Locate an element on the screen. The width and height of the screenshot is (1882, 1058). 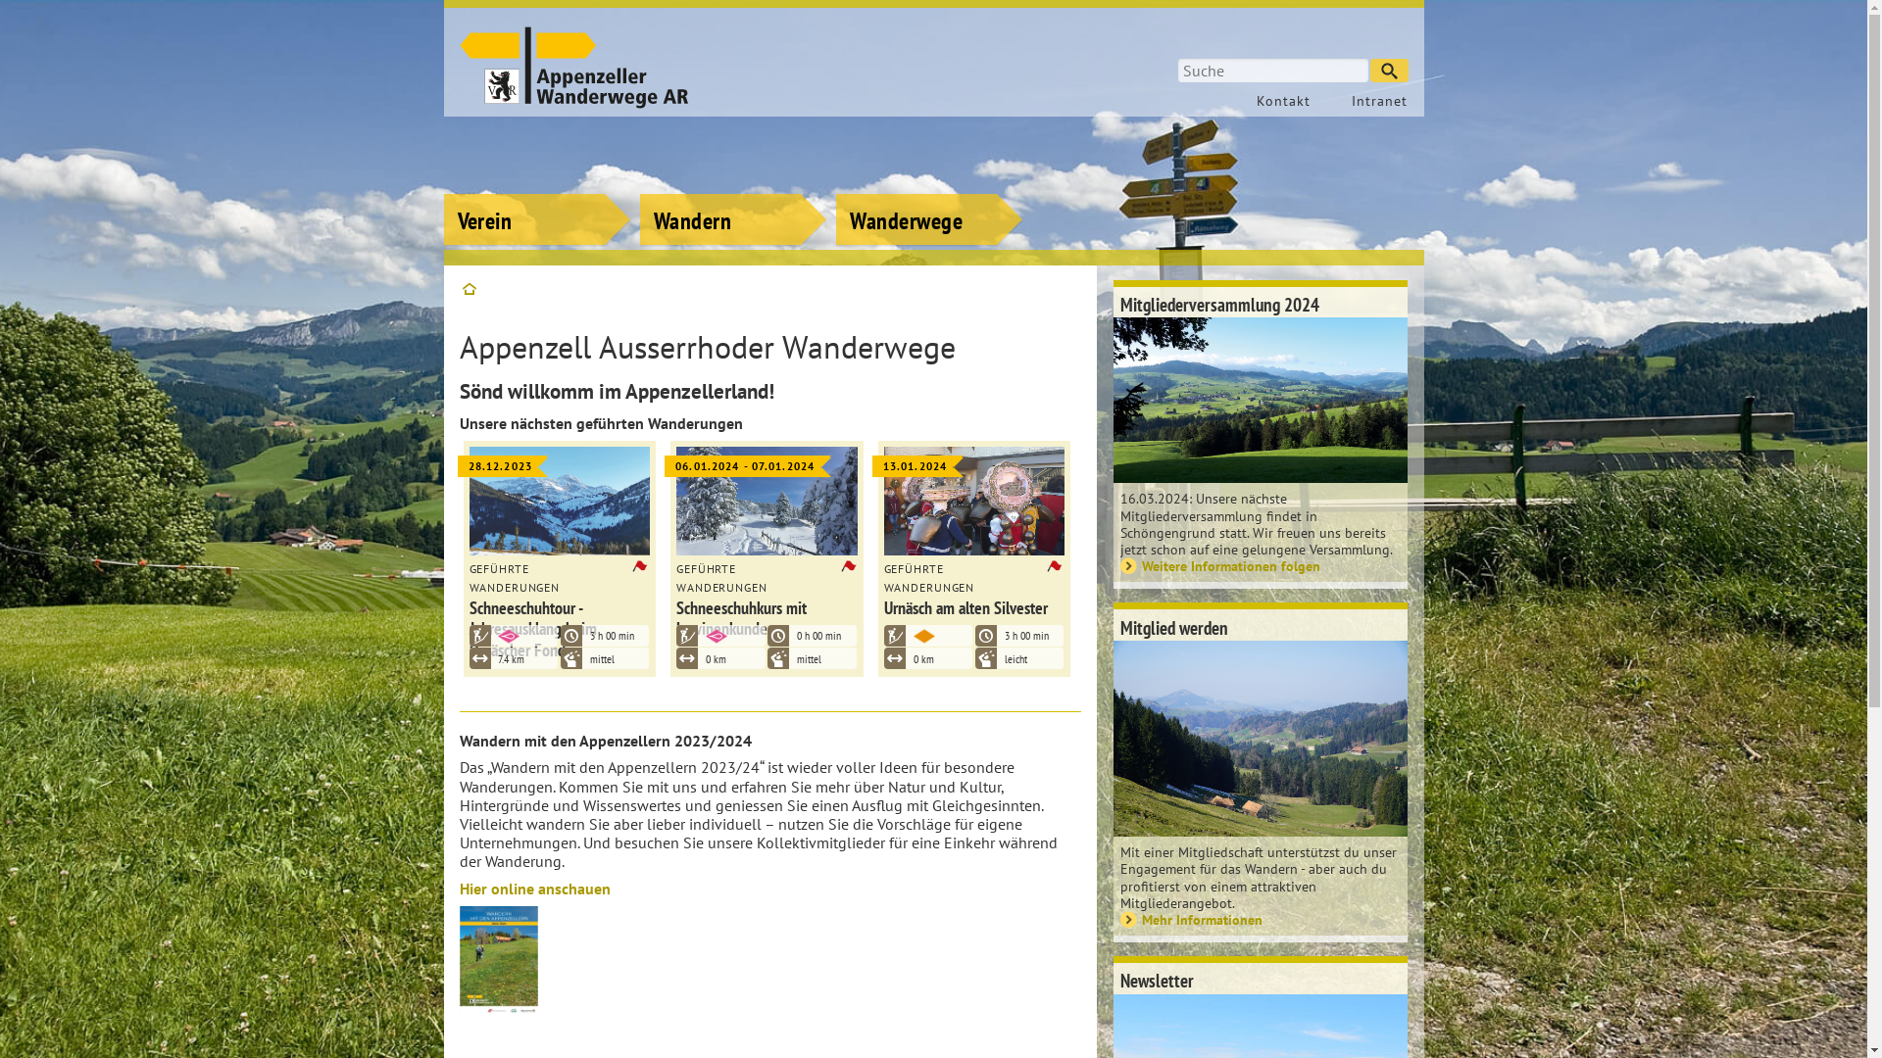
'Mitgliederversammlung 2024' is located at coordinates (1261, 302).